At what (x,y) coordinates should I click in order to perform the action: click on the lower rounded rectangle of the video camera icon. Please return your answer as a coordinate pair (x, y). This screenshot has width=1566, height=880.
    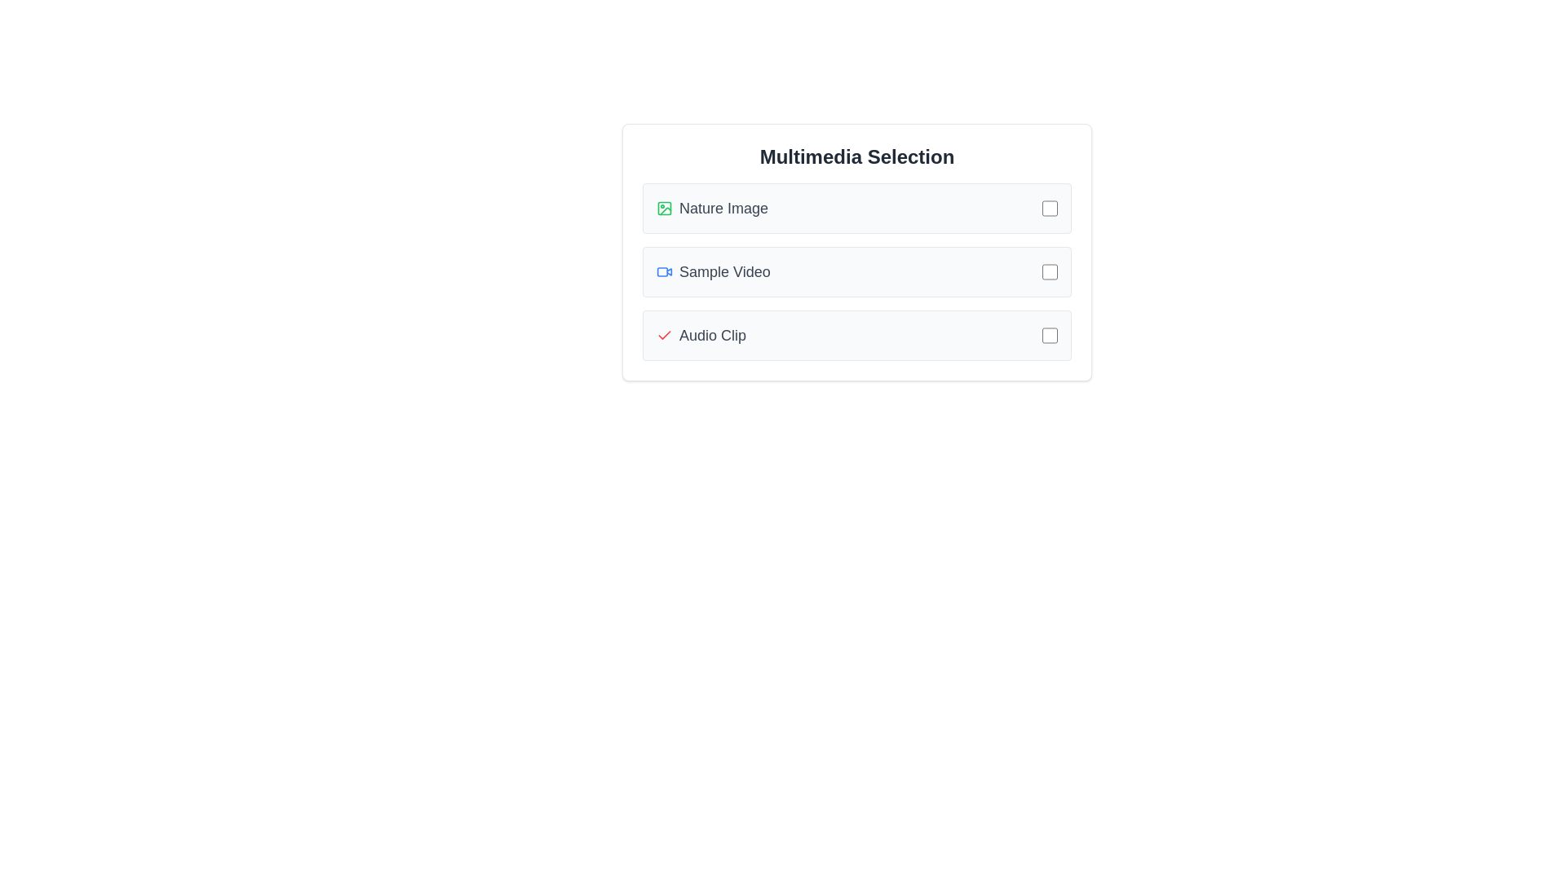
    Looking at the image, I should click on (662, 271).